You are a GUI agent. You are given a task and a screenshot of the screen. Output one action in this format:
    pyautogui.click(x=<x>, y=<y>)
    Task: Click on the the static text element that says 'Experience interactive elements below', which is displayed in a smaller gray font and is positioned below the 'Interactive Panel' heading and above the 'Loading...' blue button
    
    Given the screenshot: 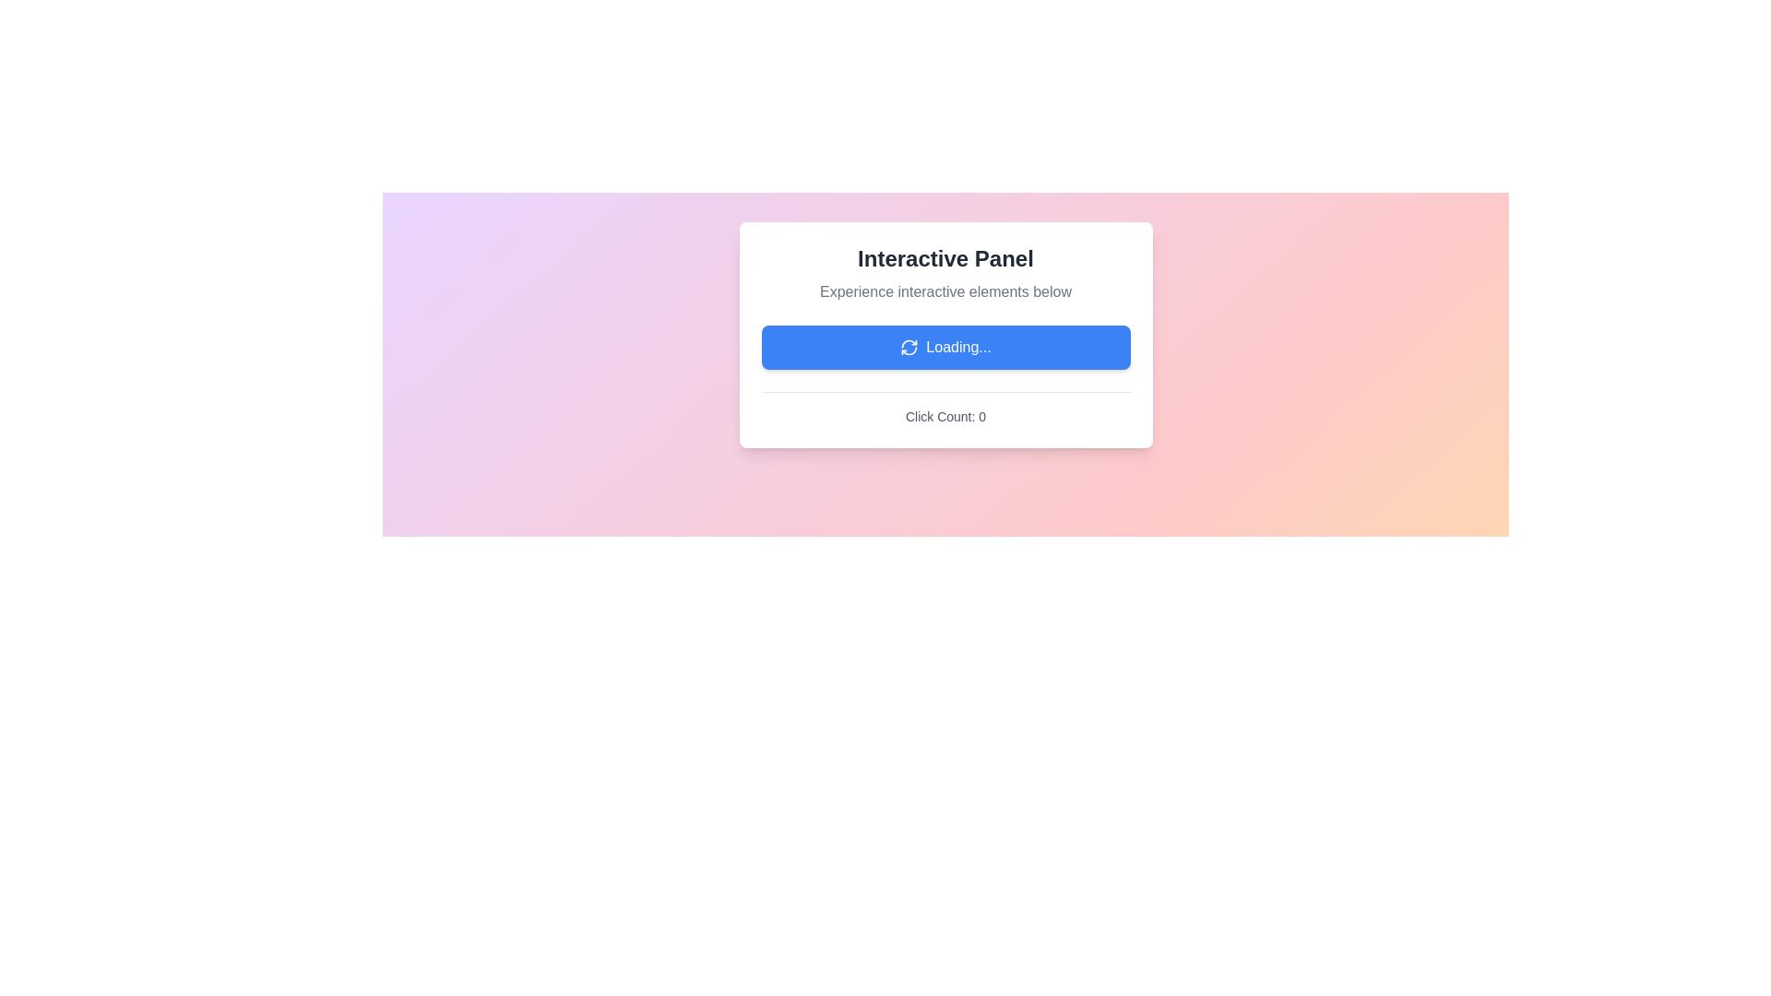 What is the action you would take?
    pyautogui.click(x=945, y=290)
    